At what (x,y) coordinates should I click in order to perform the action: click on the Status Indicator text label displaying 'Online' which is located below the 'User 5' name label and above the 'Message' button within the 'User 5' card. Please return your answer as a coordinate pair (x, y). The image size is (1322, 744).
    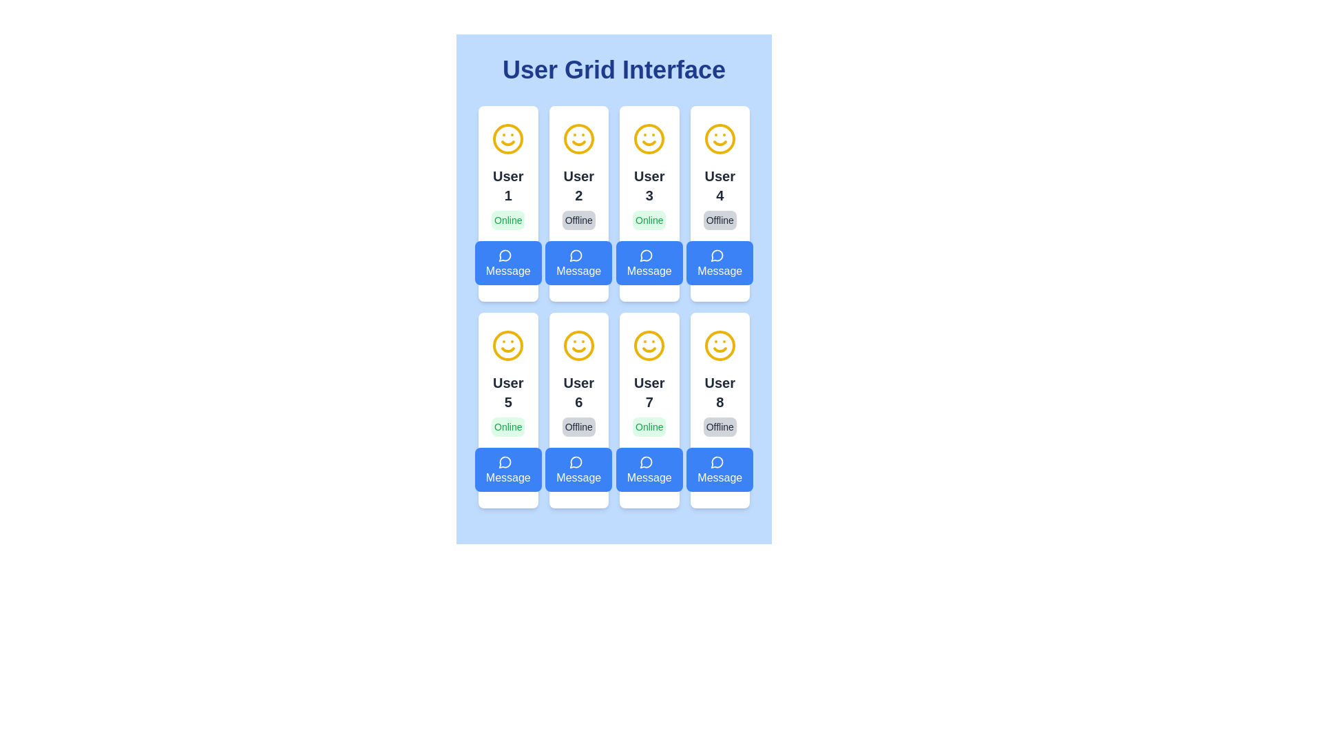
    Looking at the image, I should click on (507, 426).